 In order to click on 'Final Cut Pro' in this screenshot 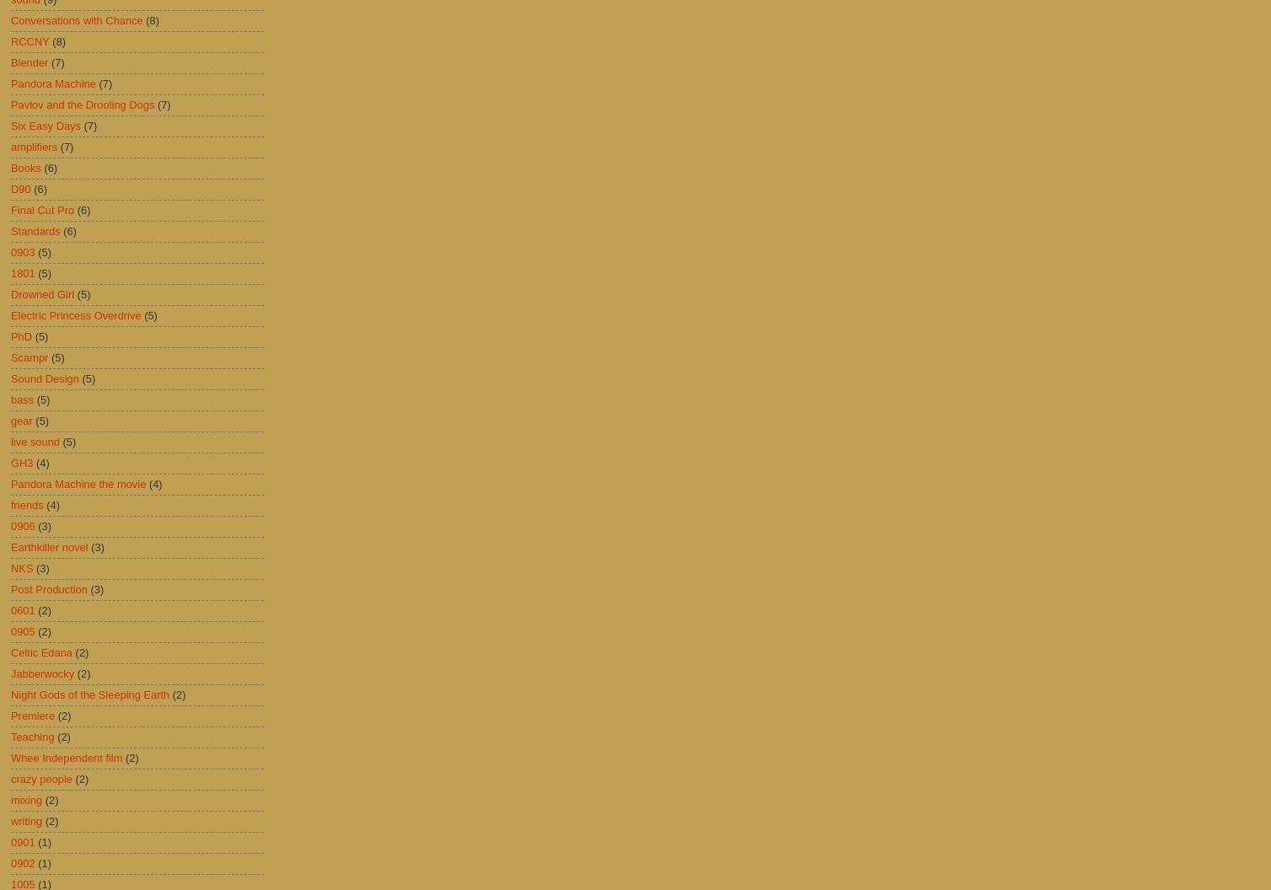, I will do `click(42, 209)`.